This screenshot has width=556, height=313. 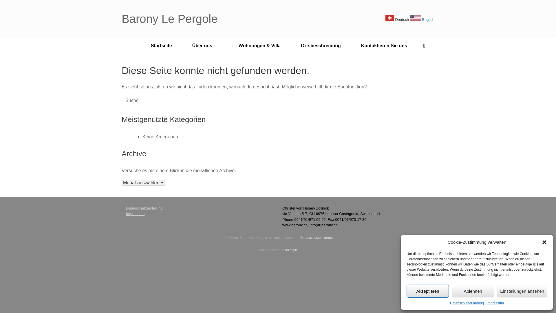 What do you see at coordinates (410, 19) in the screenshot?
I see `' English'` at bounding box center [410, 19].